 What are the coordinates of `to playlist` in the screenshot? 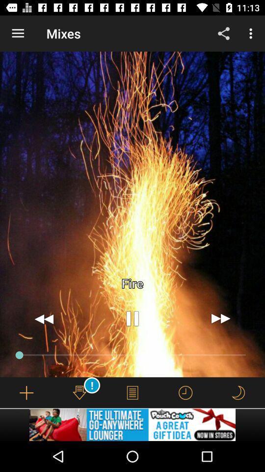 It's located at (26, 392).